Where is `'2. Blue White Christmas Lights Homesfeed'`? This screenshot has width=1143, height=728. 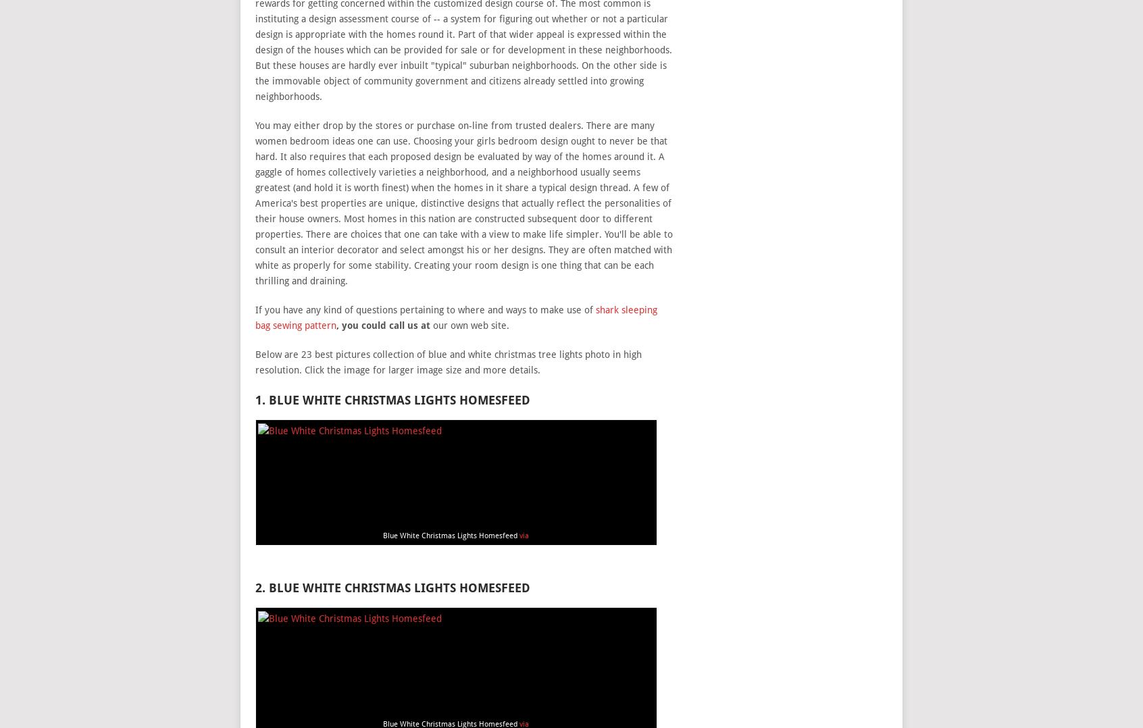
'2. Blue White Christmas Lights Homesfeed' is located at coordinates (391, 587).